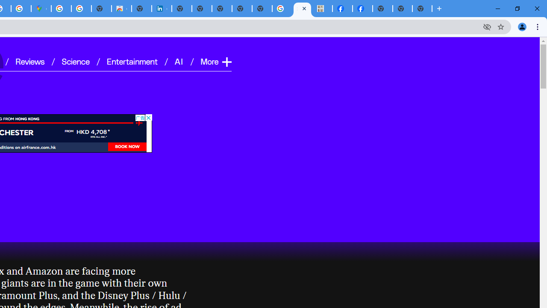 The image size is (547, 308). I want to click on 'Cookie Policy | LinkedIn', so click(162, 9).